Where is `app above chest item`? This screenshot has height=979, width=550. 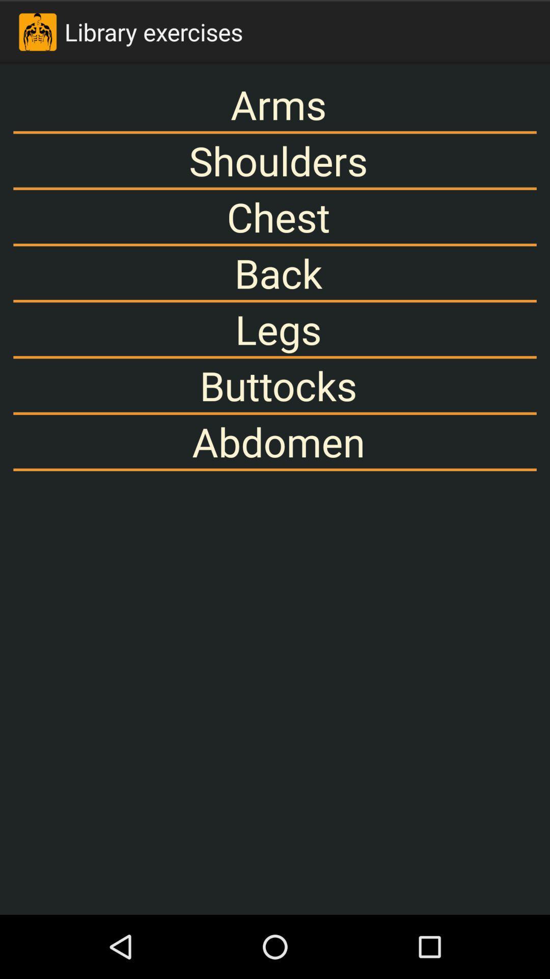
app above chest item is located at coordinates (275, 160).